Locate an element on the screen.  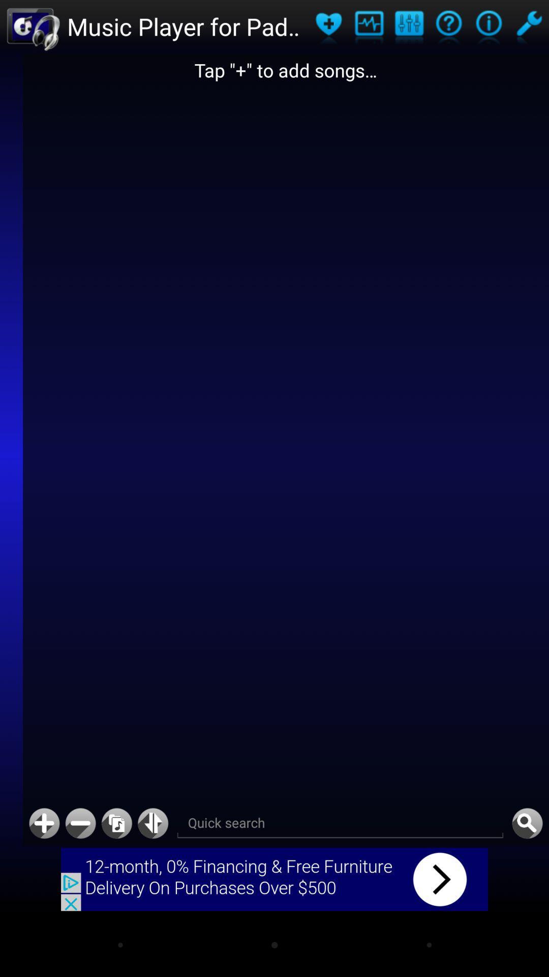
application settings is located at coordinates (408, 26).